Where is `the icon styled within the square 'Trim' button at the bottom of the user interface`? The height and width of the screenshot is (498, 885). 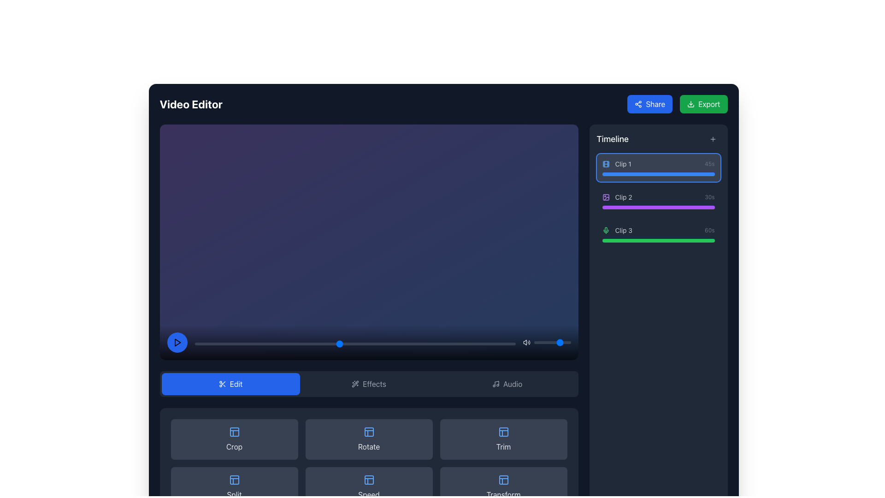 the icon styled within the square 'Trim' button at the bottom of the user interface is located at coordinates (503, 432).